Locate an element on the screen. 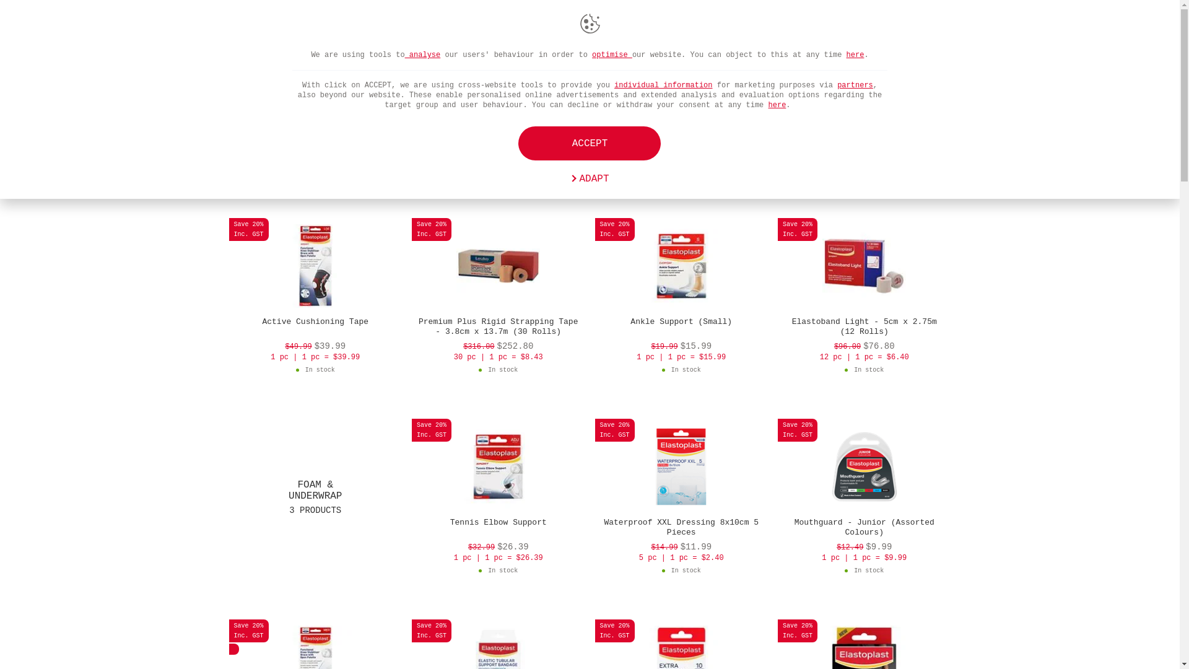 Image resolution: width=1189 pixels, height=669 pixels. 'here' is located at coordinates (846, 54).